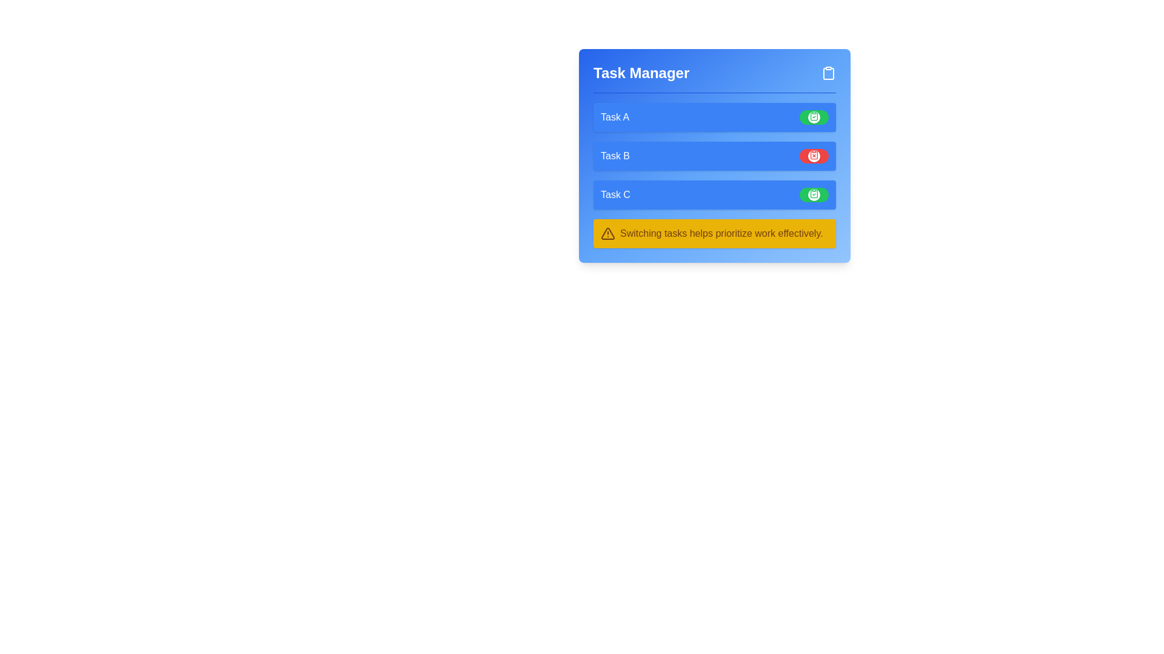 The height and width of the screenshot is (654, 1164). Describe the element at coordinates (608, 233) in the screenshot. I see `Warning or Alert Icon located to the left of the text 'Switching tasks helps prioritize work effectively.' in the yellow notification bar at the bottom of the 'Task Manager' interface for accessibility purposes` at that location.